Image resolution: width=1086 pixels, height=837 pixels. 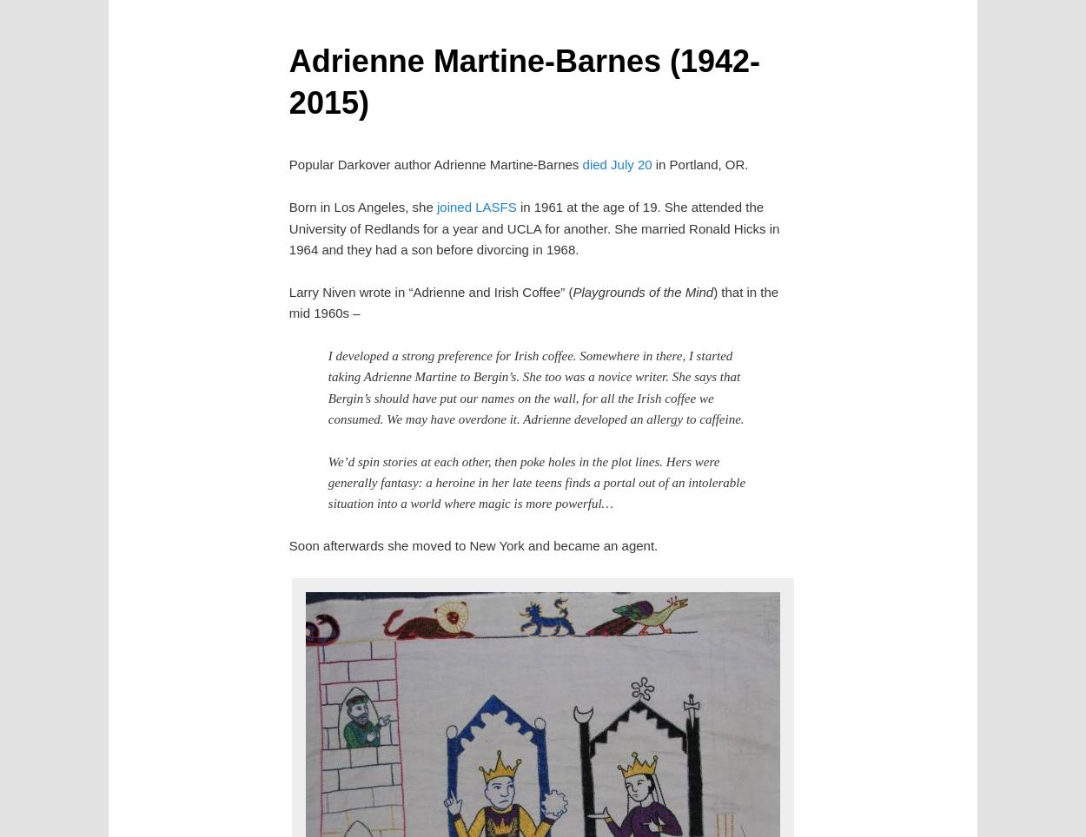 I want to click on 'joined LASFS', so click(x=476, y=207).